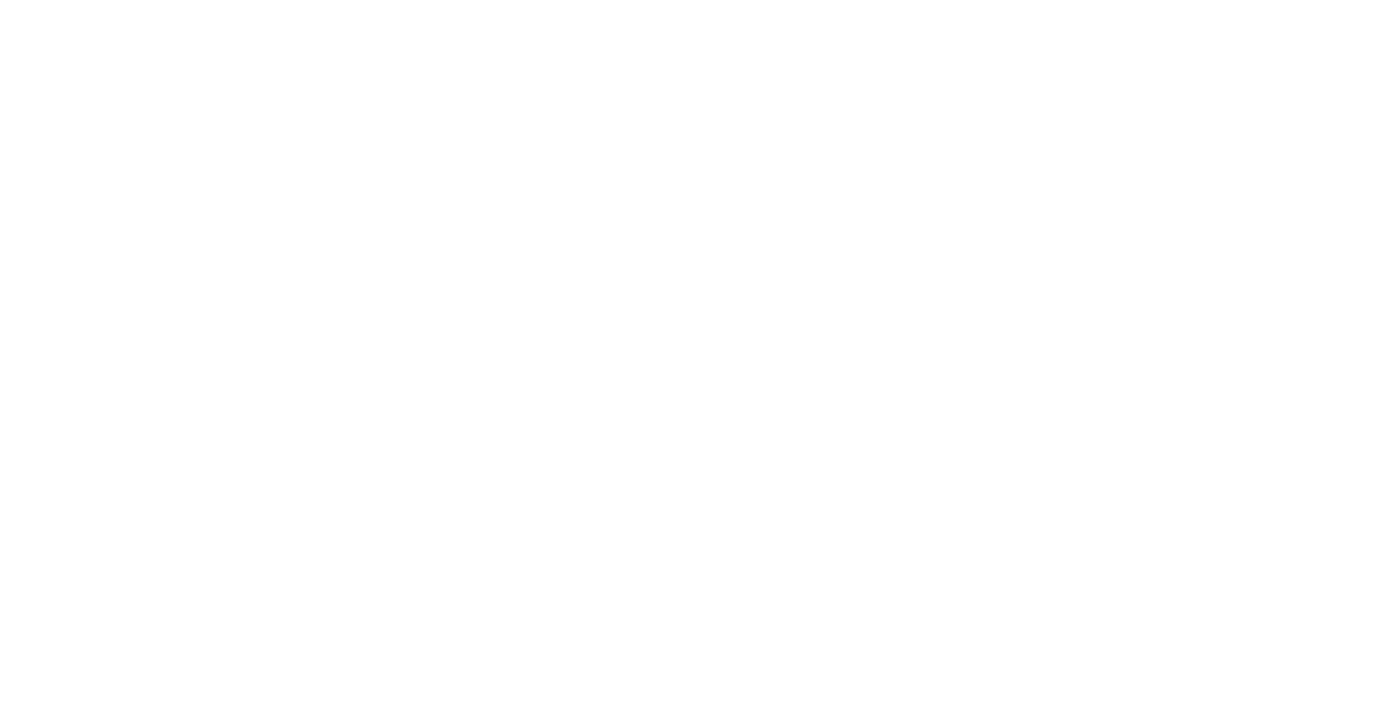 The height and width of the screenshot is (704, 1389). I want to click on 'Categories', so click(475, 544).